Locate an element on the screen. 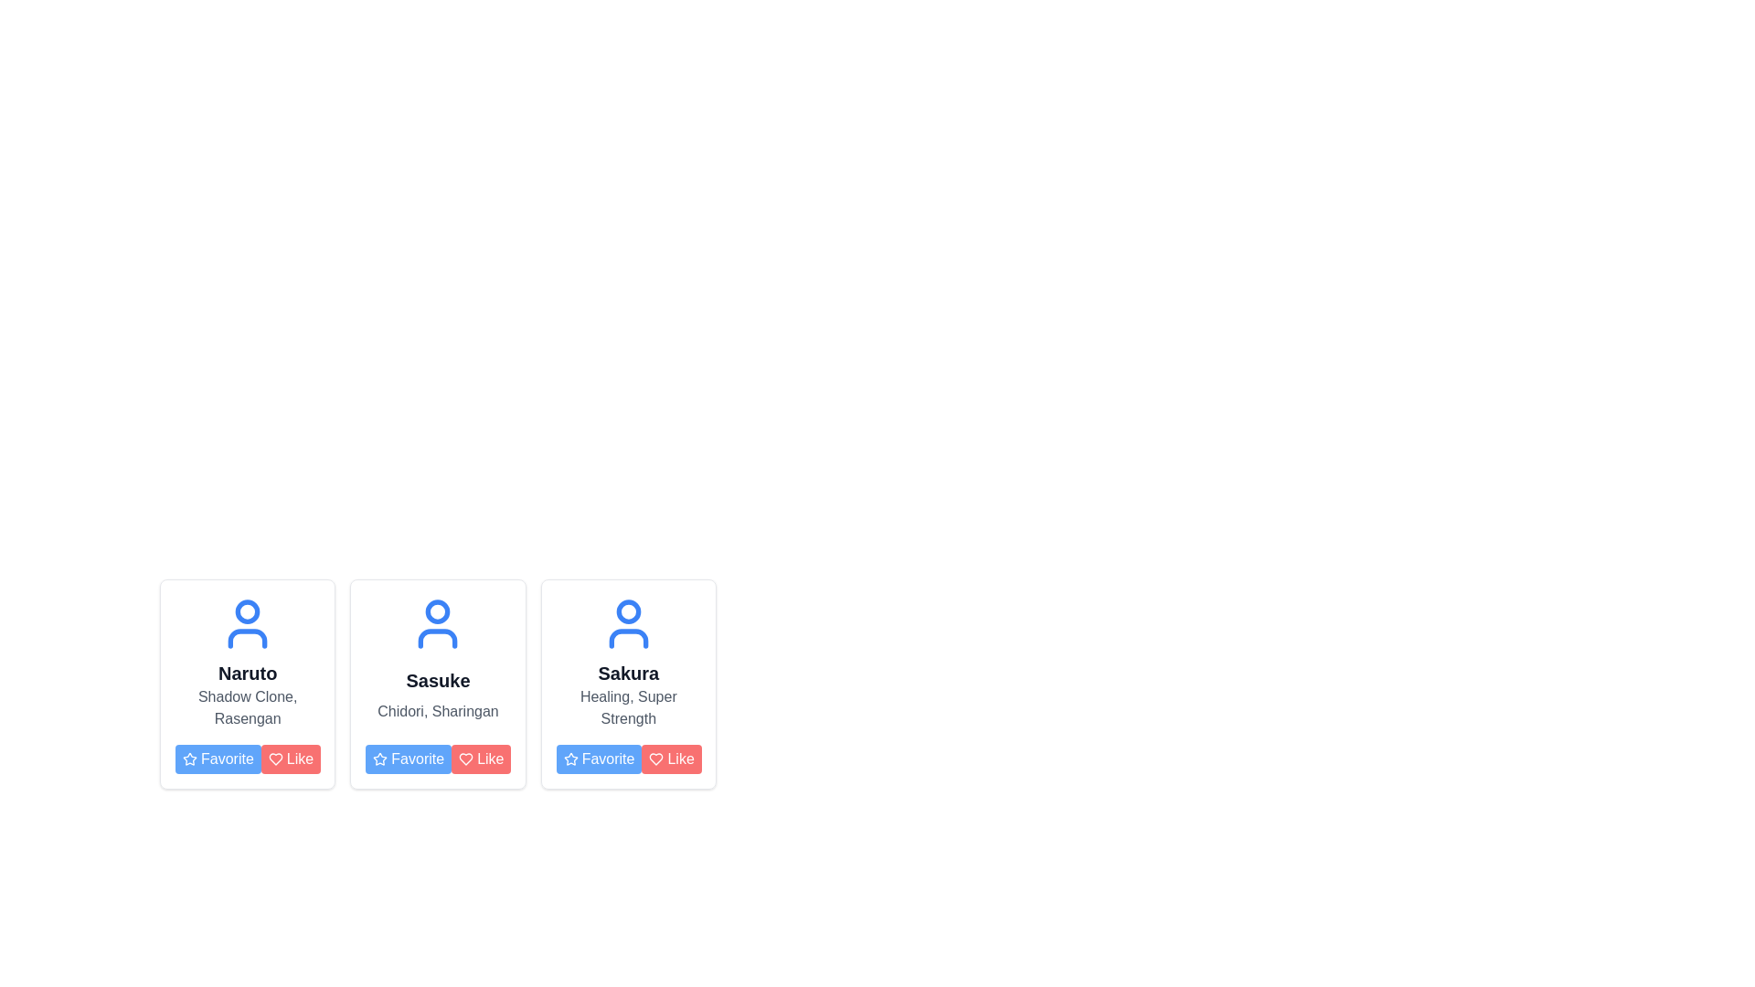  the SVG Circle Graphic representing the head in the user profile icon, which is part of the third profile card in a horizontally aligned list of three cards is located at coordinates (628, 611).